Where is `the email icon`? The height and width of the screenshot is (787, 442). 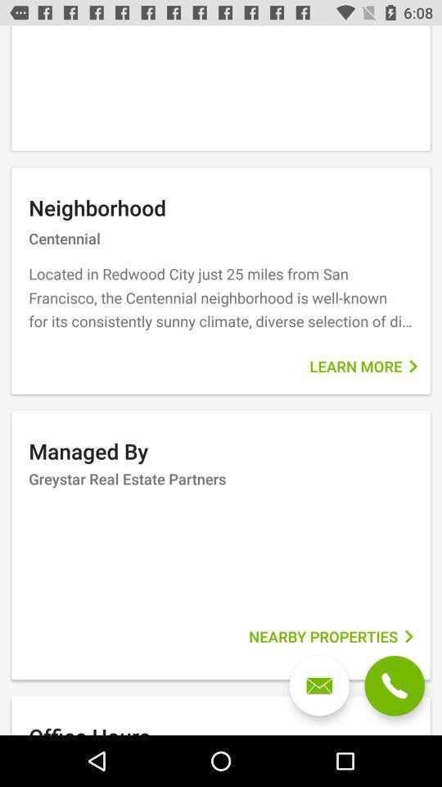
the email icon is located at coordinates (319, 685).